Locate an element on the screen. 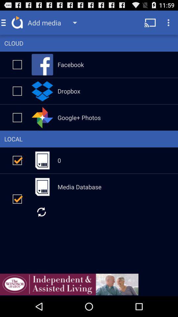 The image size is (178, 317). tick option is located at coordinates (17, 160).